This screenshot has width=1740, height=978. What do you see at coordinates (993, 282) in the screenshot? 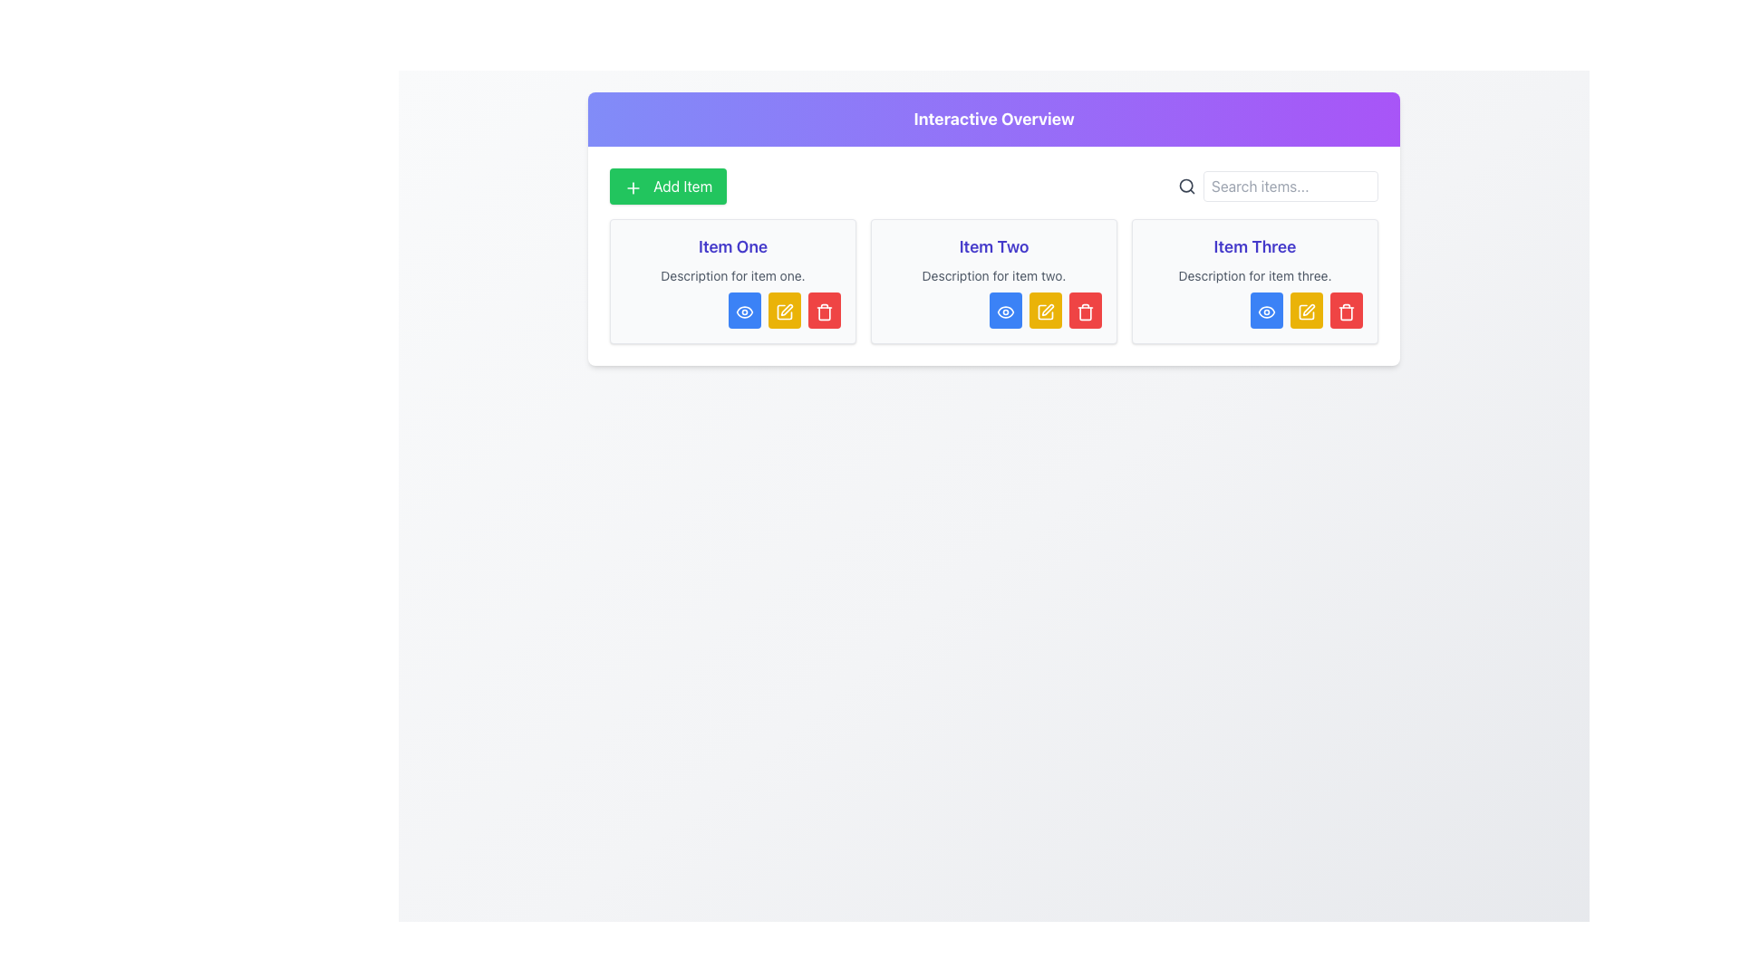
I see `the Card Grid` at bounding box center [993, 282].